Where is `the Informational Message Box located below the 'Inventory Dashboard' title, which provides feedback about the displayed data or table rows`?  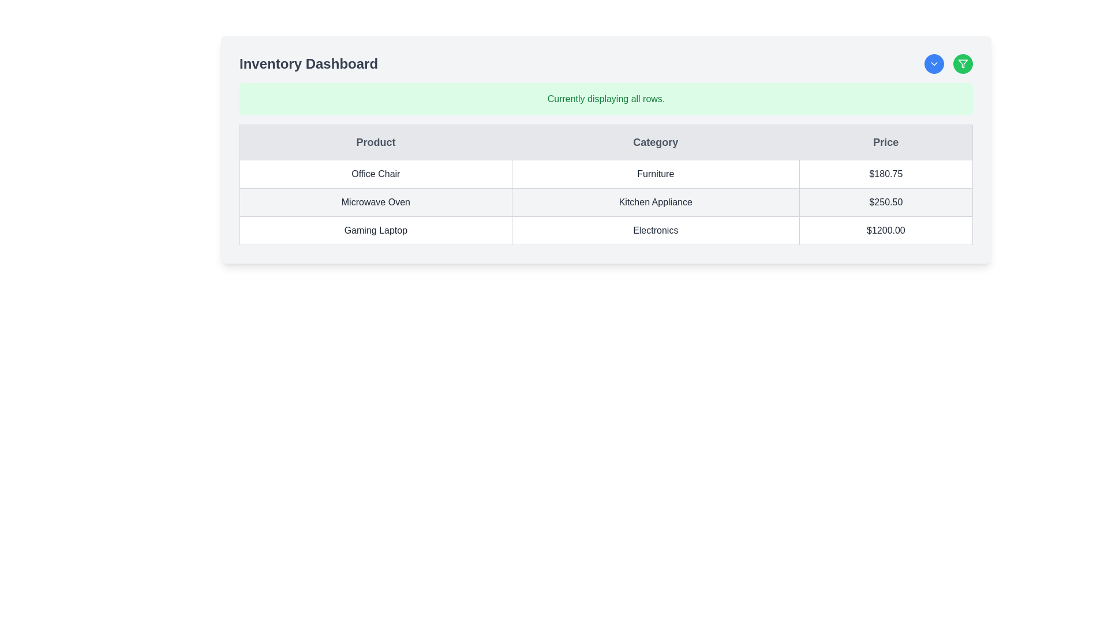 the Informational Message Box located below the 'Inventory Dashboard' title, which provides feedback about the displayed data or table rows is located at coordinates (605, 99).